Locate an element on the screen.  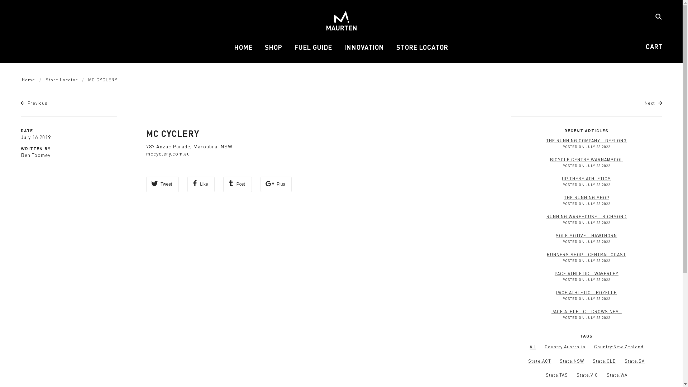
'UP THERE ATHLETICS' is located at coordinates (586, 178).